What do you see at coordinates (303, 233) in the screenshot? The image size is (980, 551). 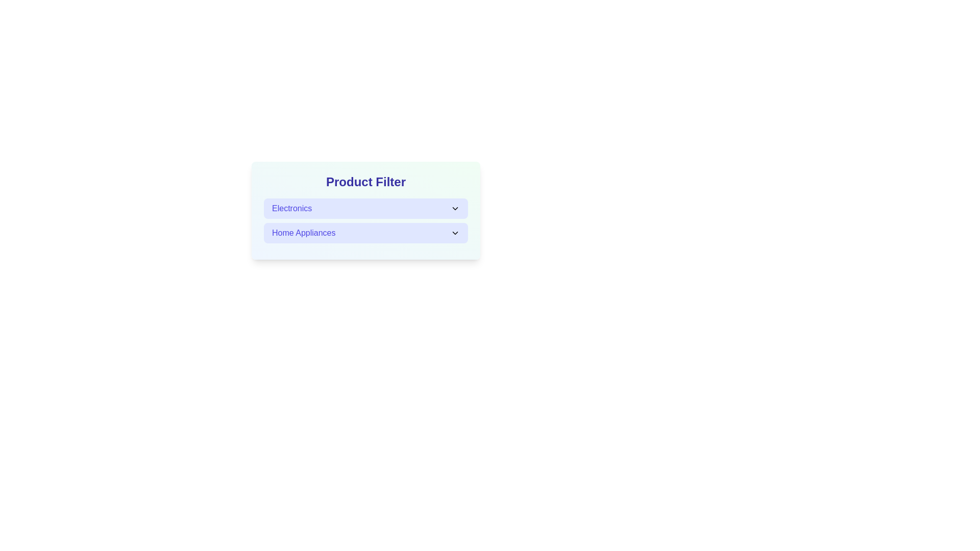 I see `the text label in the second row of the vertical list within the light blue 'Product Filter' panel, which identifies a category option` at bounding box center [303, 233].